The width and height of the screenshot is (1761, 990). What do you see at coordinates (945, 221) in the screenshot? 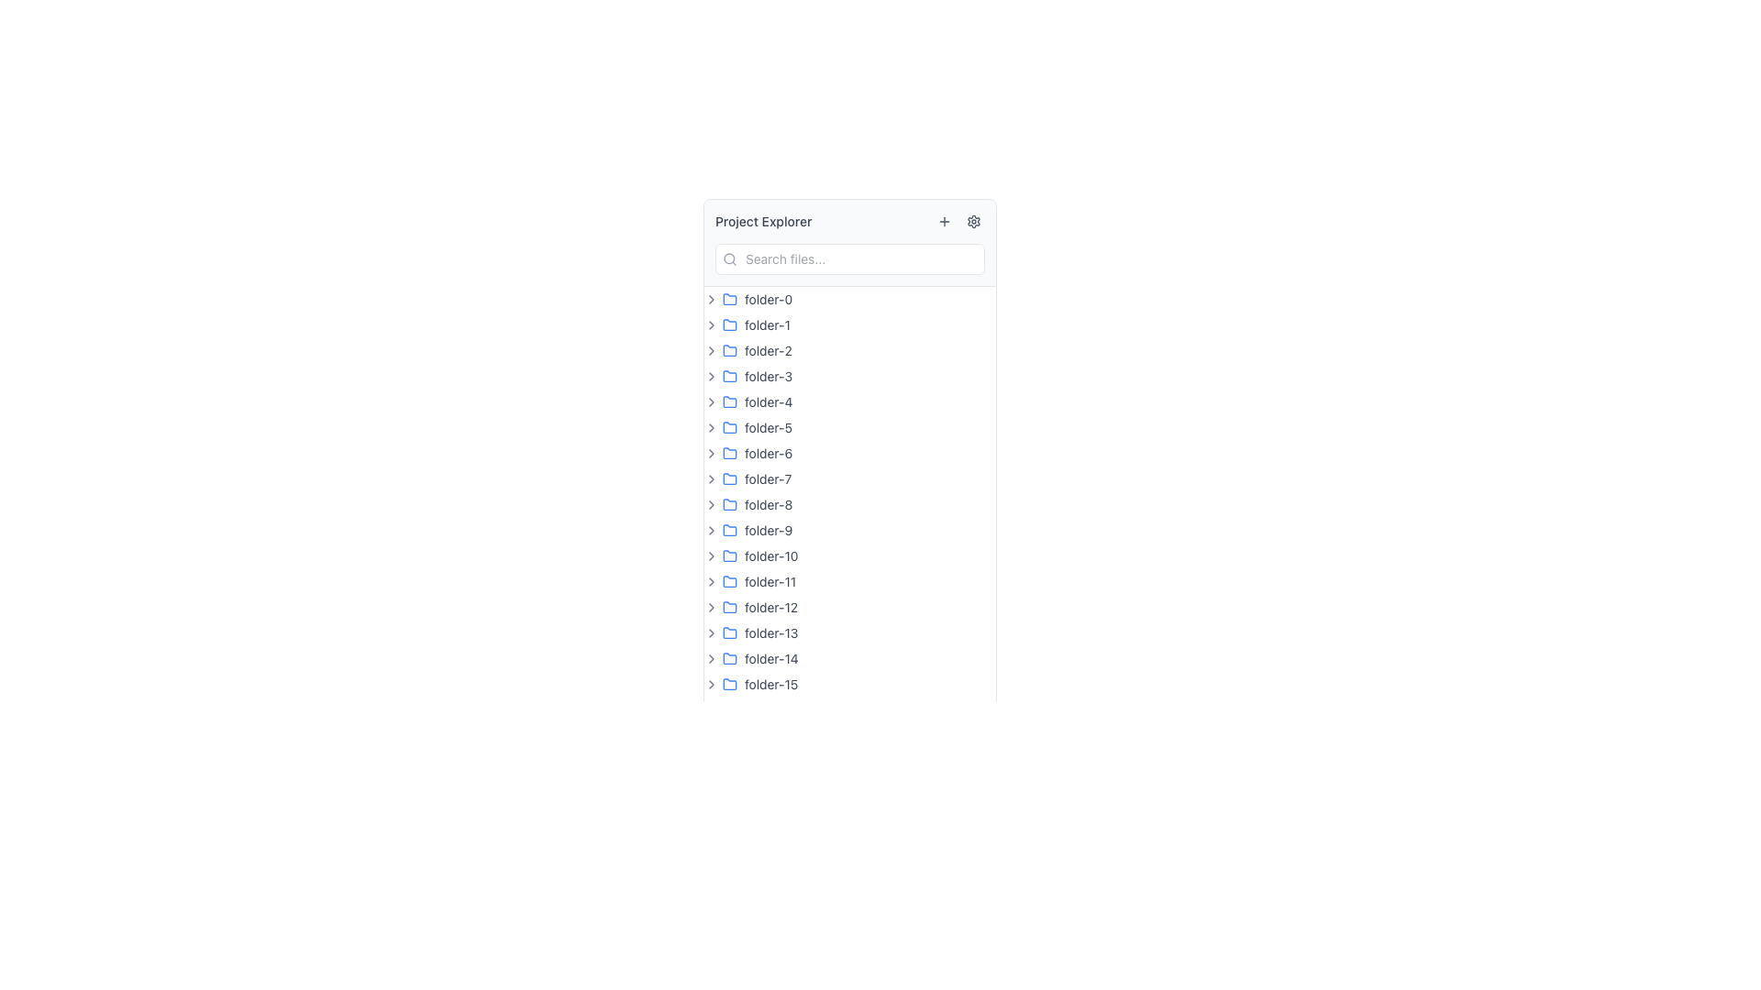
I see `the small square button with a plus (+) icon, located in the toolbar at the top-right of the 'Project Explorer' panel` at bounding box center [945, 221].